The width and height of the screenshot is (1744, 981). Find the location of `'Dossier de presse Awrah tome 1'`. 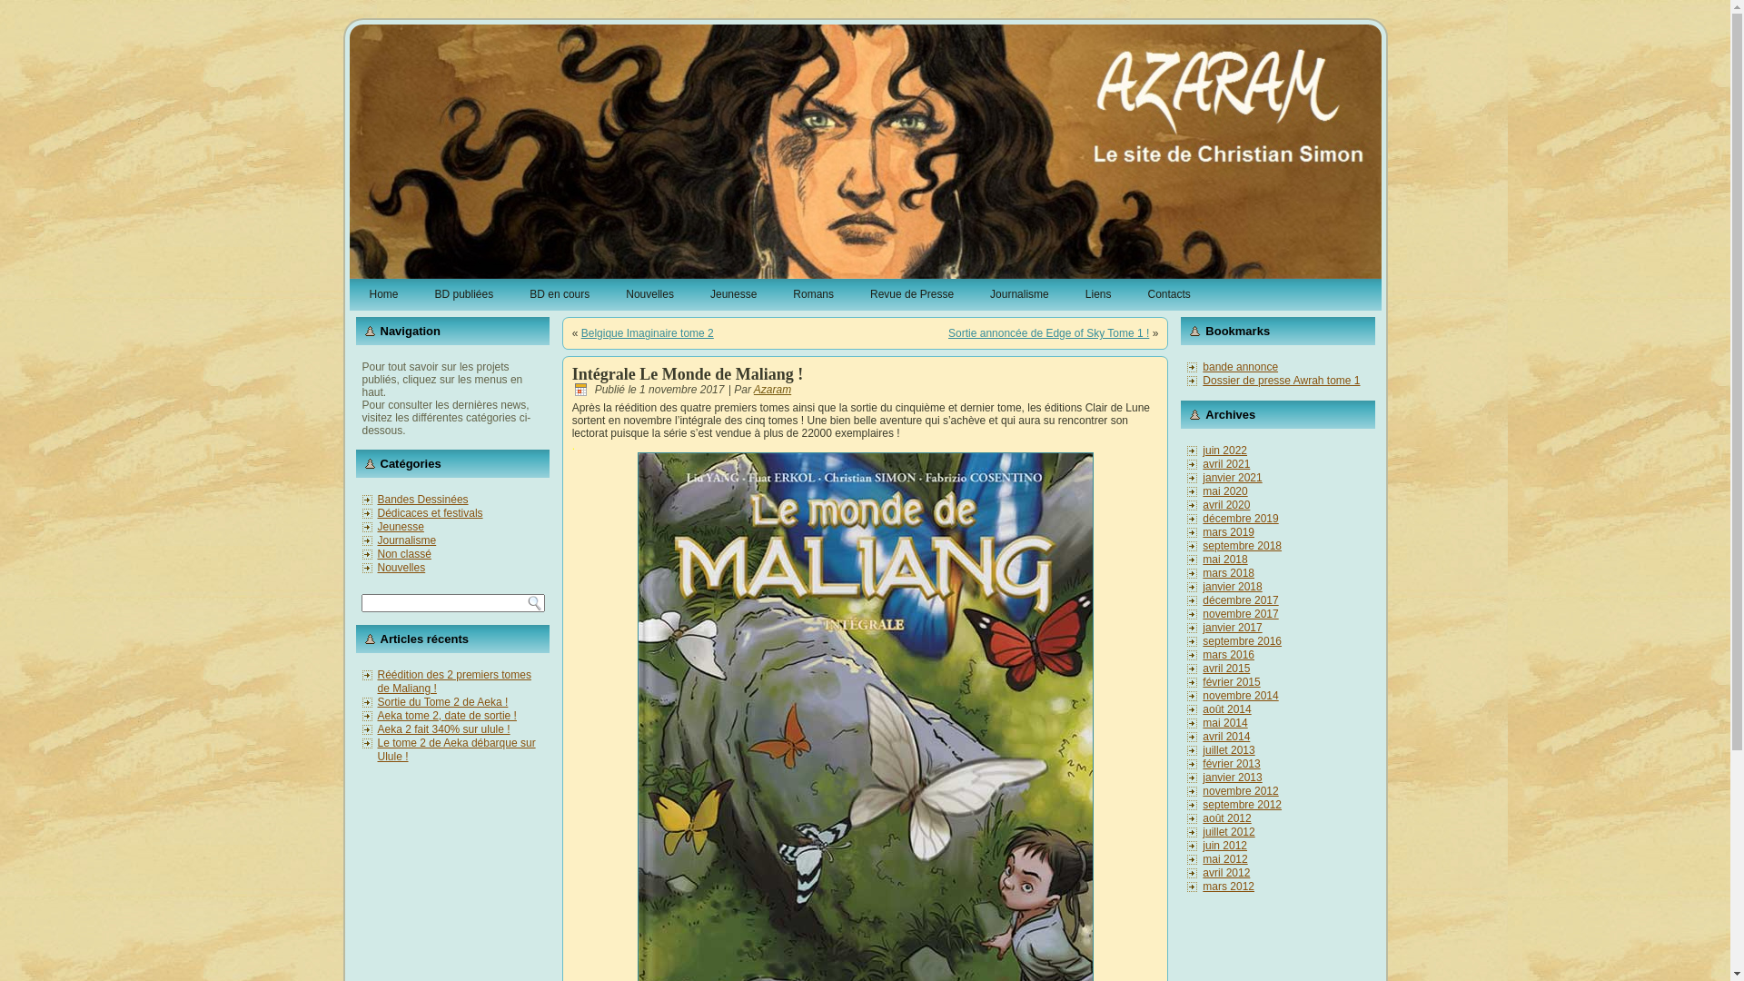

'Dossier de presse Awrah tome 1' is located at coordinates (1280, 380).